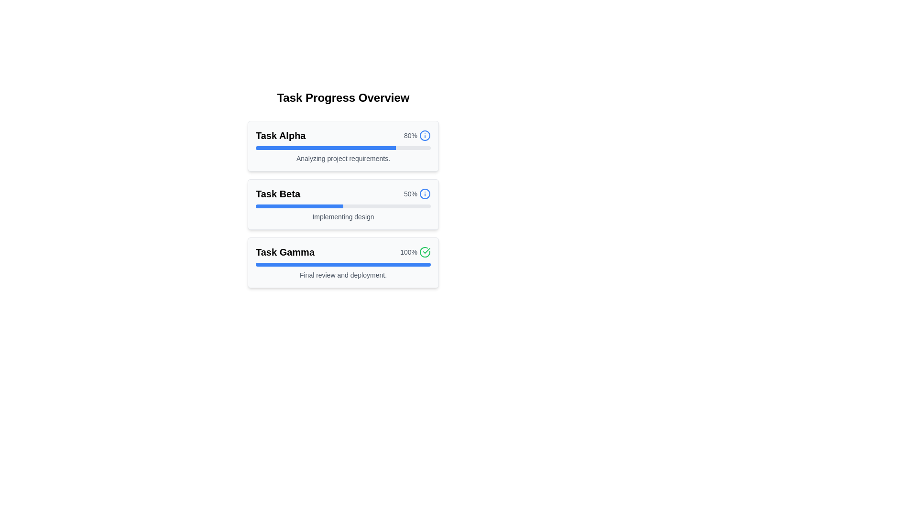 Image resolution: width=918 pixels, height=516 pixels. Describe the element at coordinates (417, 136) in the screenshot. I see `the progress indicator label with an information icon located at the top right of the 'Task Alpha' card` at that location.